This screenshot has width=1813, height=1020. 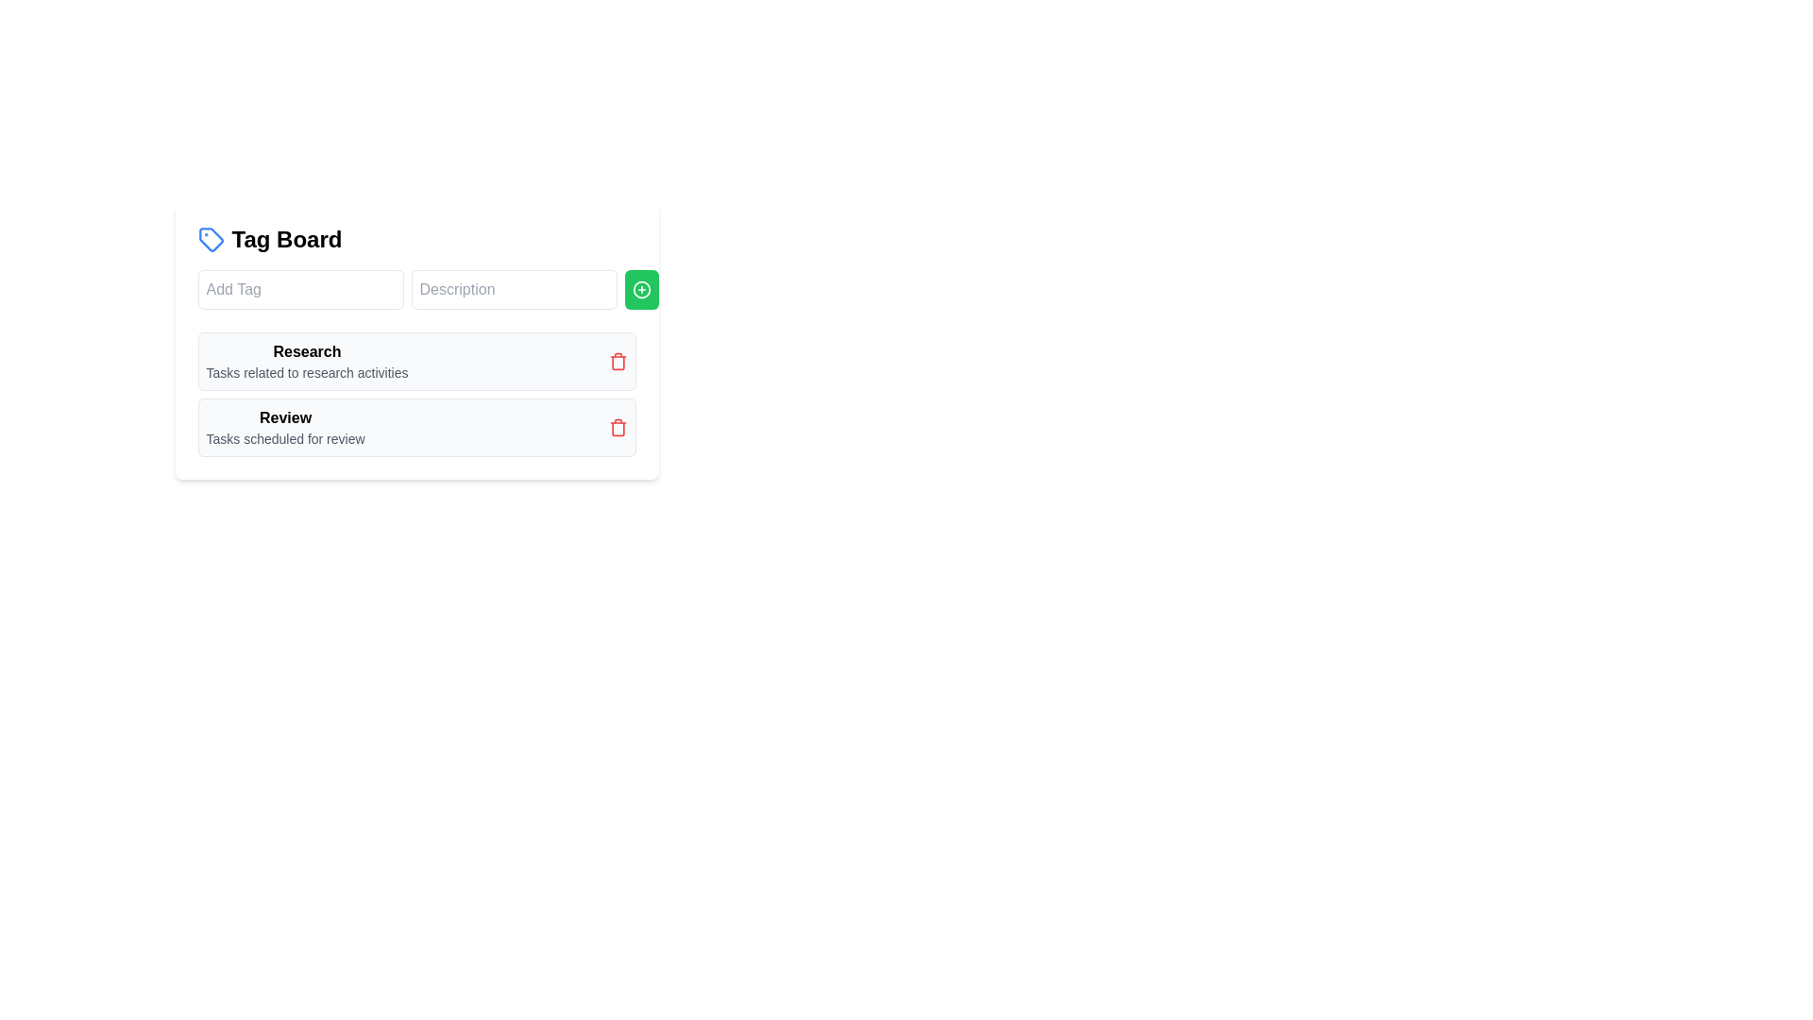 I want to click on the title label of the first list item in the 'Tag Board', which describes the entry purpose or category, so click(x=307, y=351).